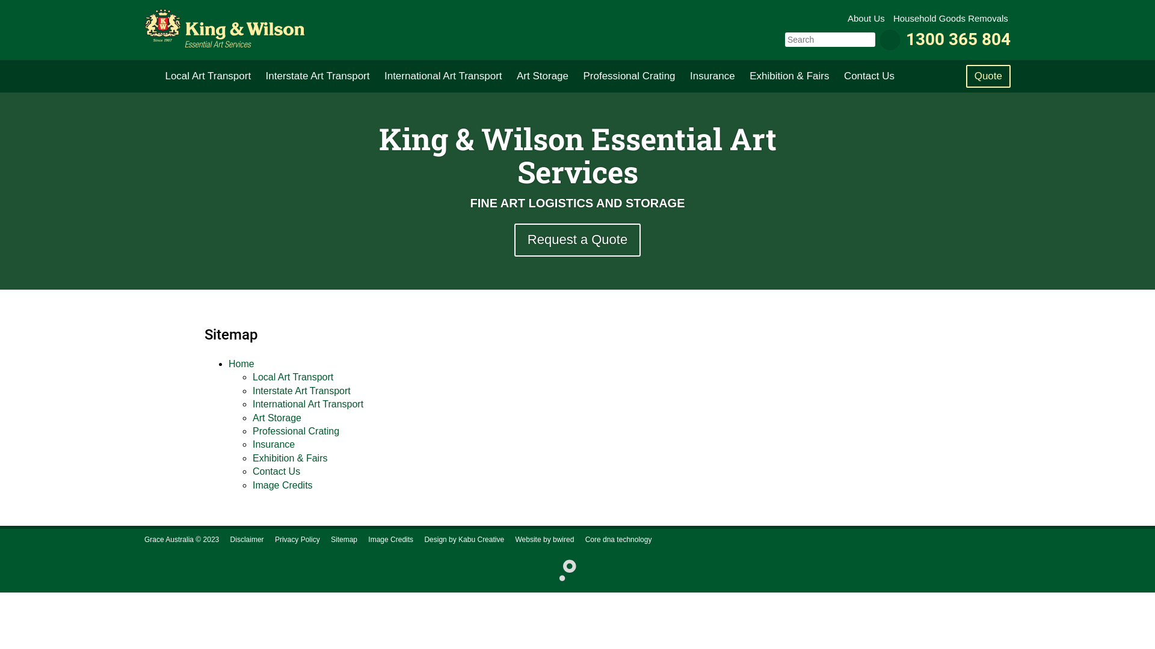  I want to click on 'Local Art Transport', so click(292, 376).